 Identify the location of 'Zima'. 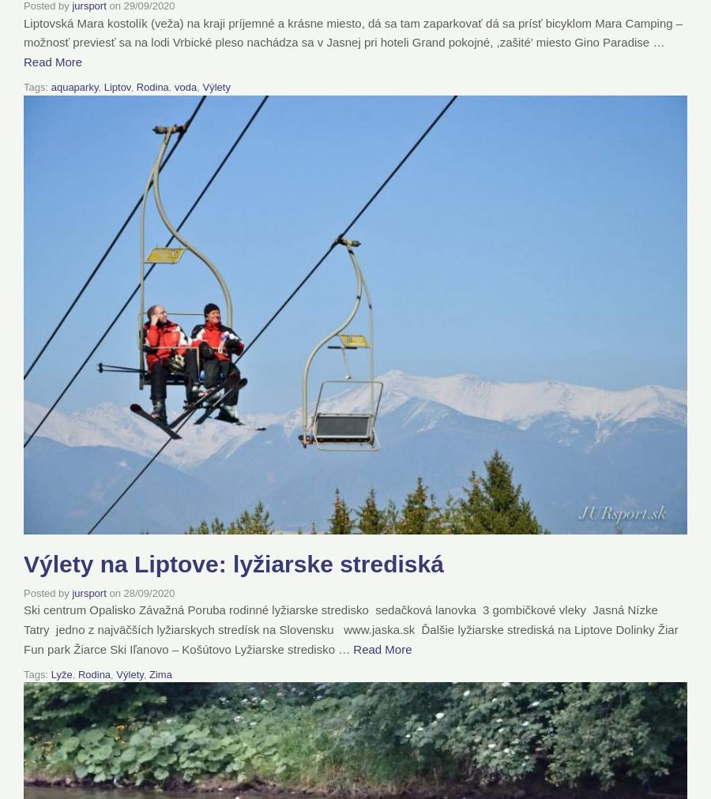
(149, 673).